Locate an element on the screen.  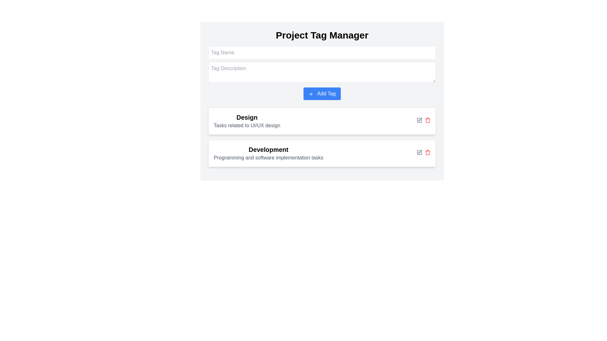
the bright blue 'Add Tag' button with white text and a plus icon is located at coordinates (322, 94).